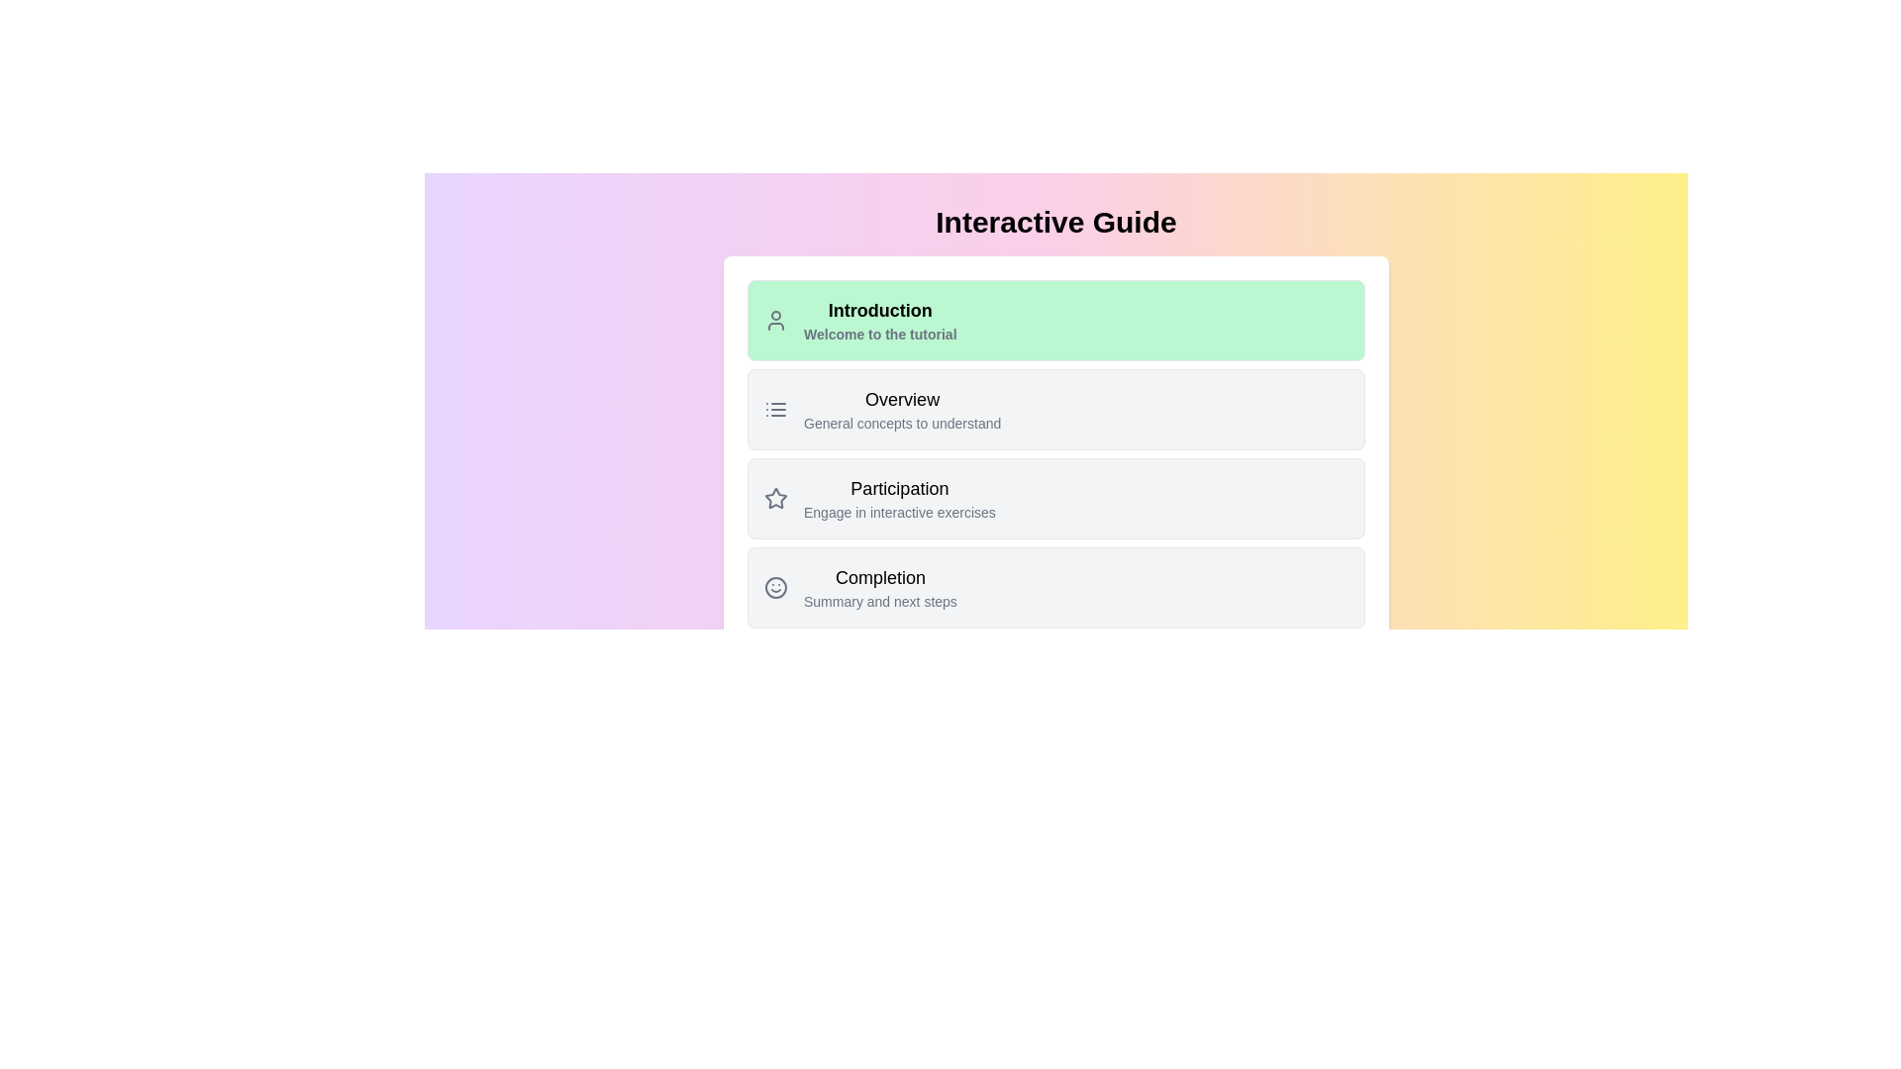 The width and height of the screenshot is (1901, 1069). What do you see at coordinates (901, 423) in the screenshot?
I see `informational text label located directly below the 'Overview' heading, which serves as a subtitle or additional context` at bounding box center [901, 423].